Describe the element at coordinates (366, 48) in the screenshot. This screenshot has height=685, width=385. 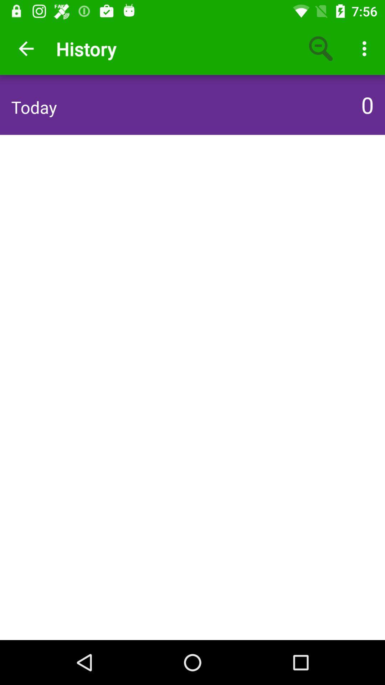
I see `icon above the 0 item` at that location.